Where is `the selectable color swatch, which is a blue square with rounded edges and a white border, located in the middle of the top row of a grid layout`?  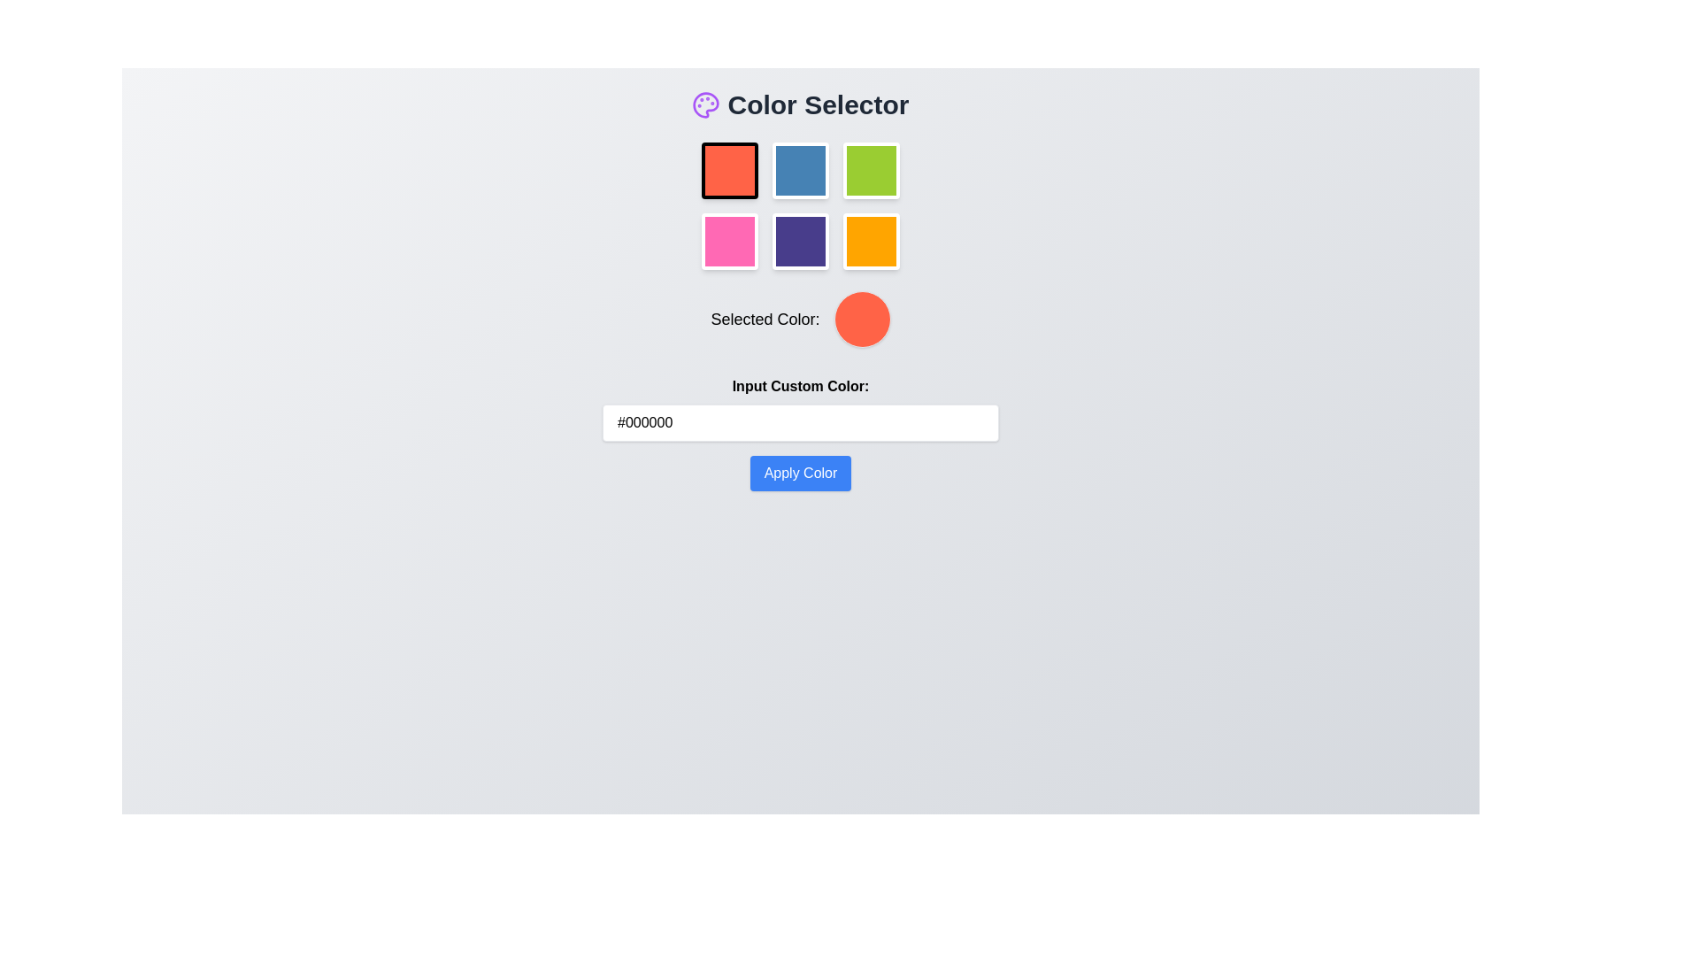
the selectable color swatch, which is a blue square with rounded edges and a white border, located in the middle of the top row of a grid layout is located at coordinates (800, 170).